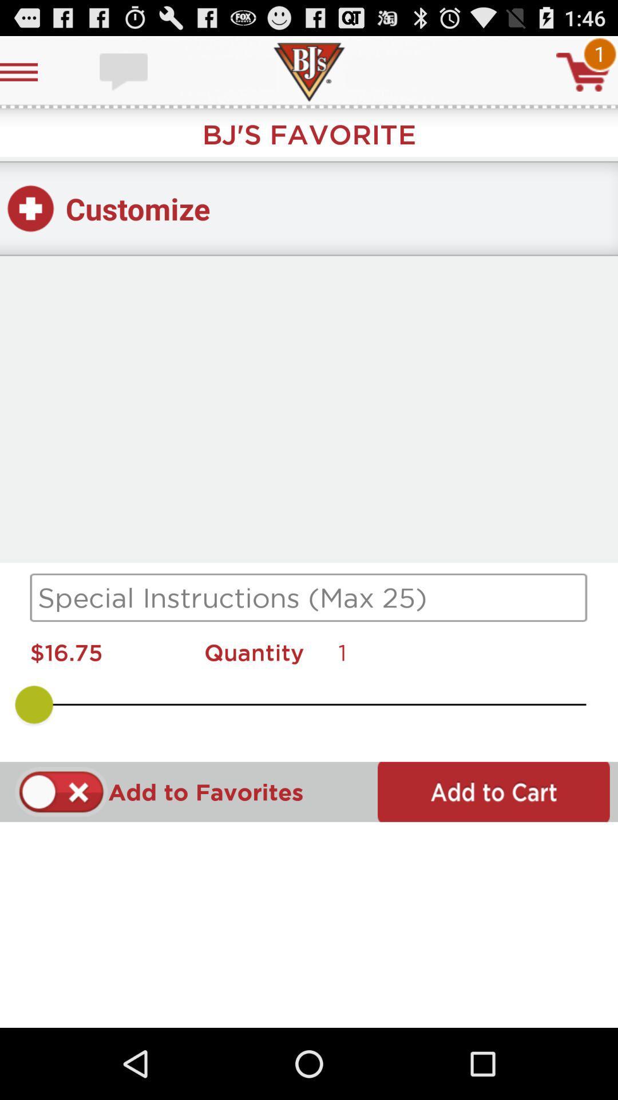 This screenshot has width=618, height=1100. What do you see at coordinates (309, 597) in the screenshot?
I see `search` at bounding box center [309, 597].